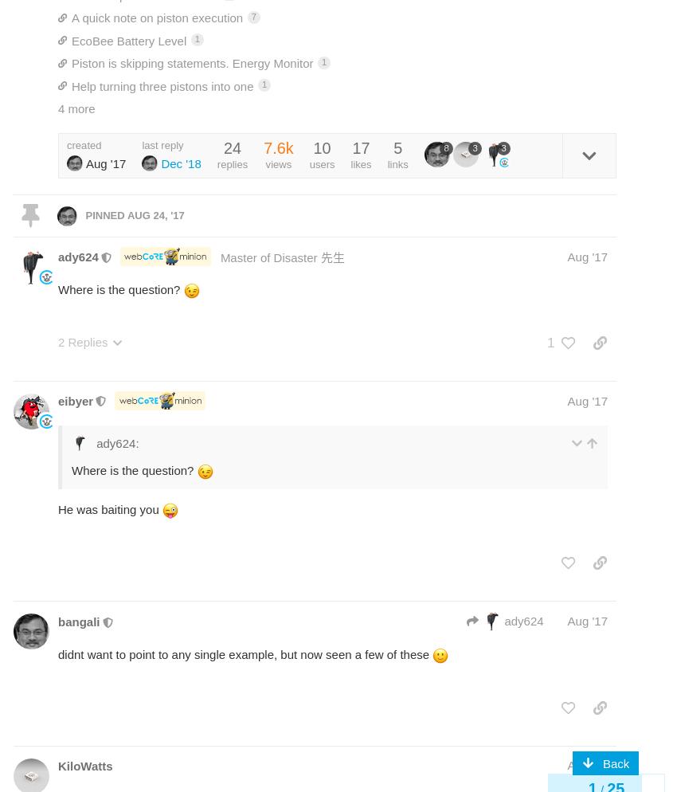 The image size is (677, 792). What do you see at coordinates (218, 256) in the screenshot?
I see `'Master of Disaster 先生'` at bounding box center [218, 256].